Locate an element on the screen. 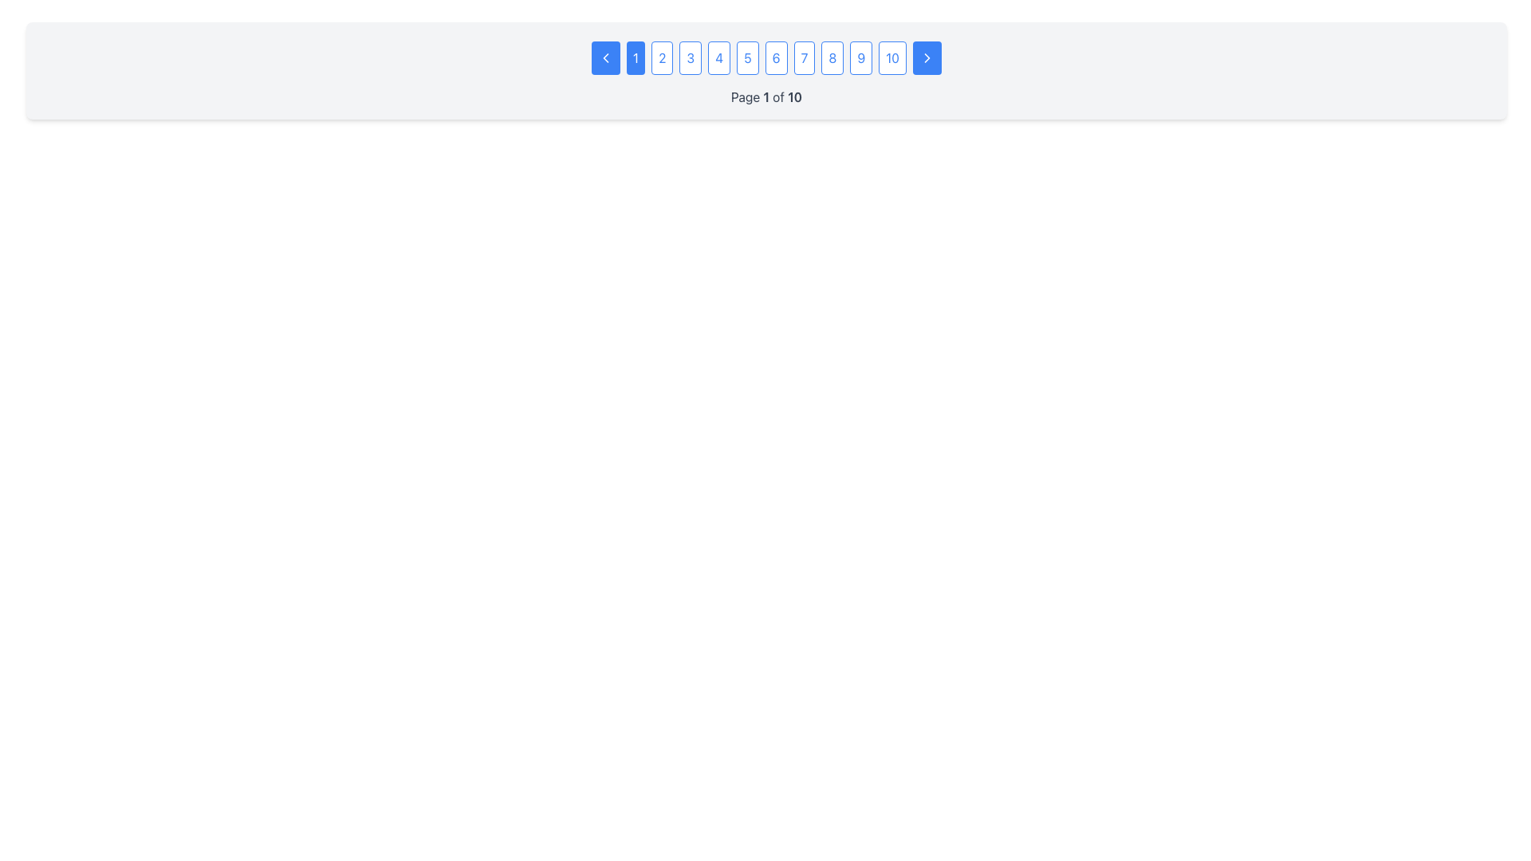 Image resolution: width=1531 pixels, height=861 pixels. the forward navigation button in the pagination controls is located at coordinates (927, 57).